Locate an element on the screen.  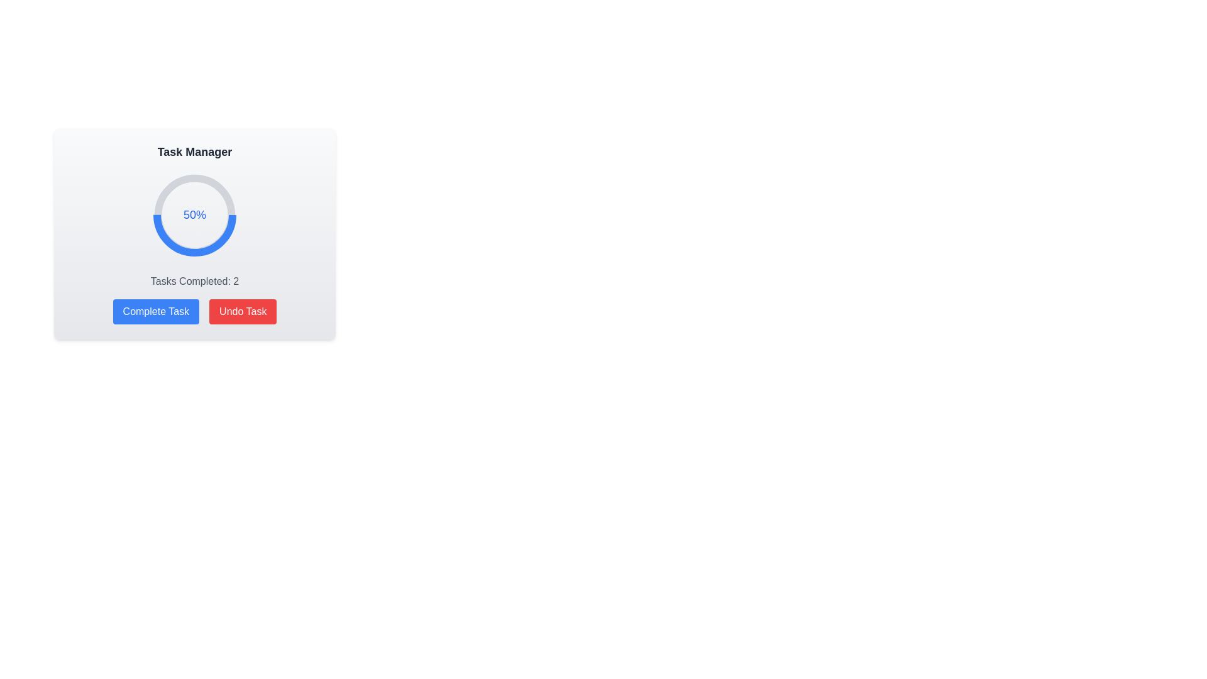
the Circular progress indicator, which is a prominent circle with a light grey outline and a white inner fill, displaying a bold percentage value, located centrally on the dashboard interface is located at coordinates (194, 214).